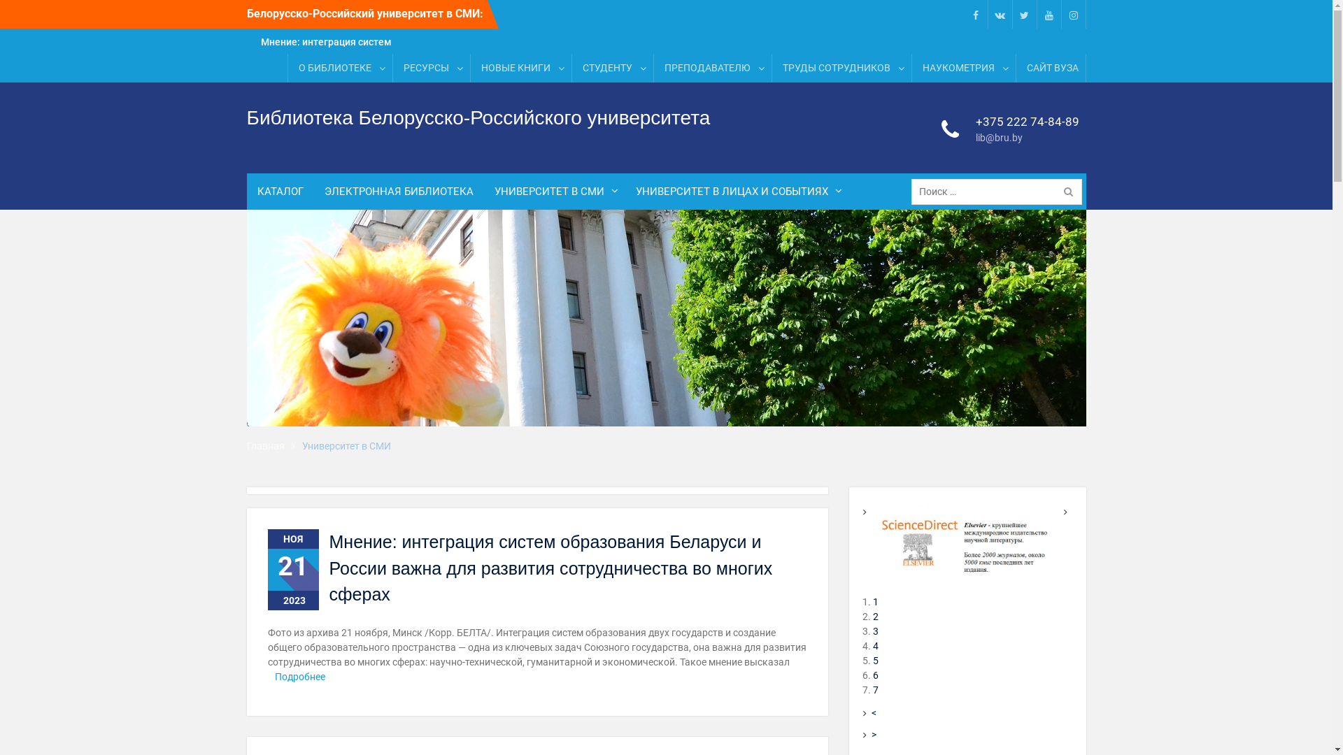  Describe the element at coordinates (871, 733) in the screenshot. I see `'>'` at that location.